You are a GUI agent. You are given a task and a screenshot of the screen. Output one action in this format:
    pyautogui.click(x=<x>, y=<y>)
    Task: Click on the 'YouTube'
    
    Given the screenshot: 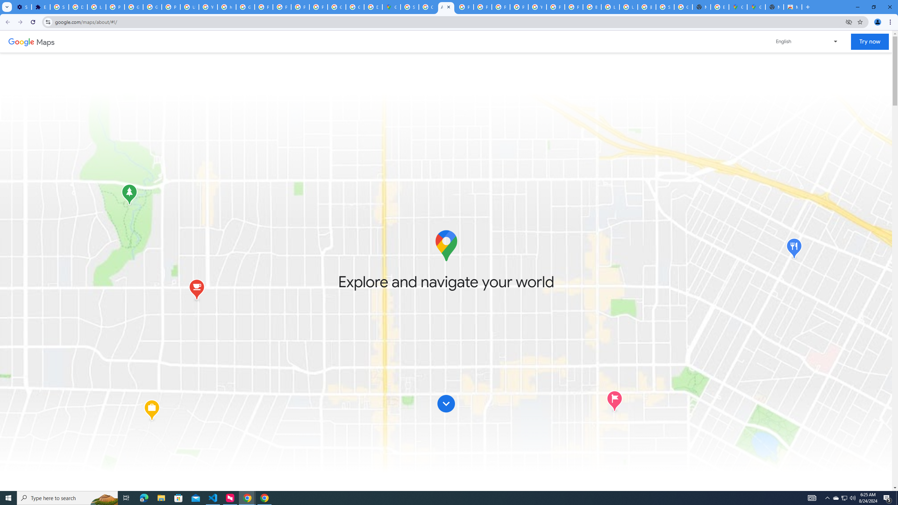 What is the action you would take?
    pyautogui.click(x=208, y=7)
    